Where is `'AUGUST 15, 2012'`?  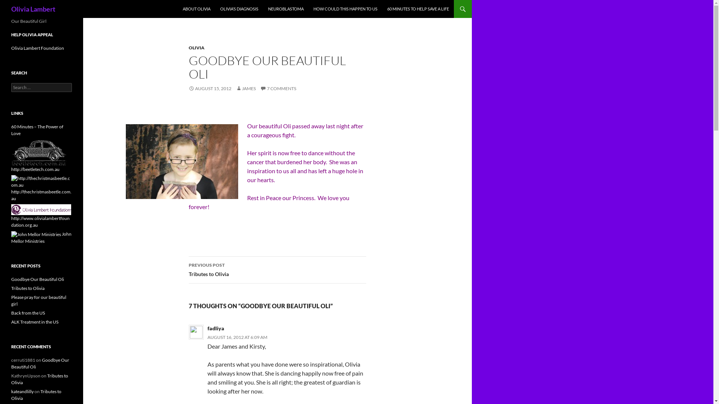 'AUGUST 15, 2012' is located at coordinates (210, 88).